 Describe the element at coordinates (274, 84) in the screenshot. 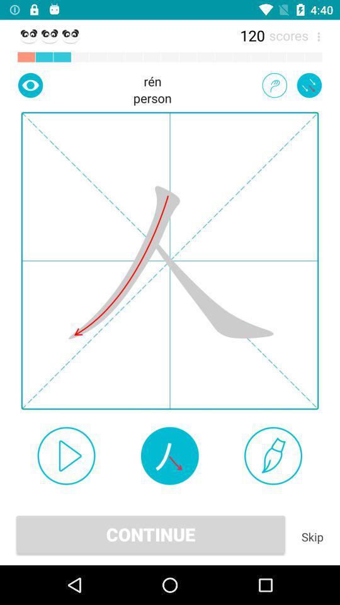

I see `the item to the right of person icon` at that location.